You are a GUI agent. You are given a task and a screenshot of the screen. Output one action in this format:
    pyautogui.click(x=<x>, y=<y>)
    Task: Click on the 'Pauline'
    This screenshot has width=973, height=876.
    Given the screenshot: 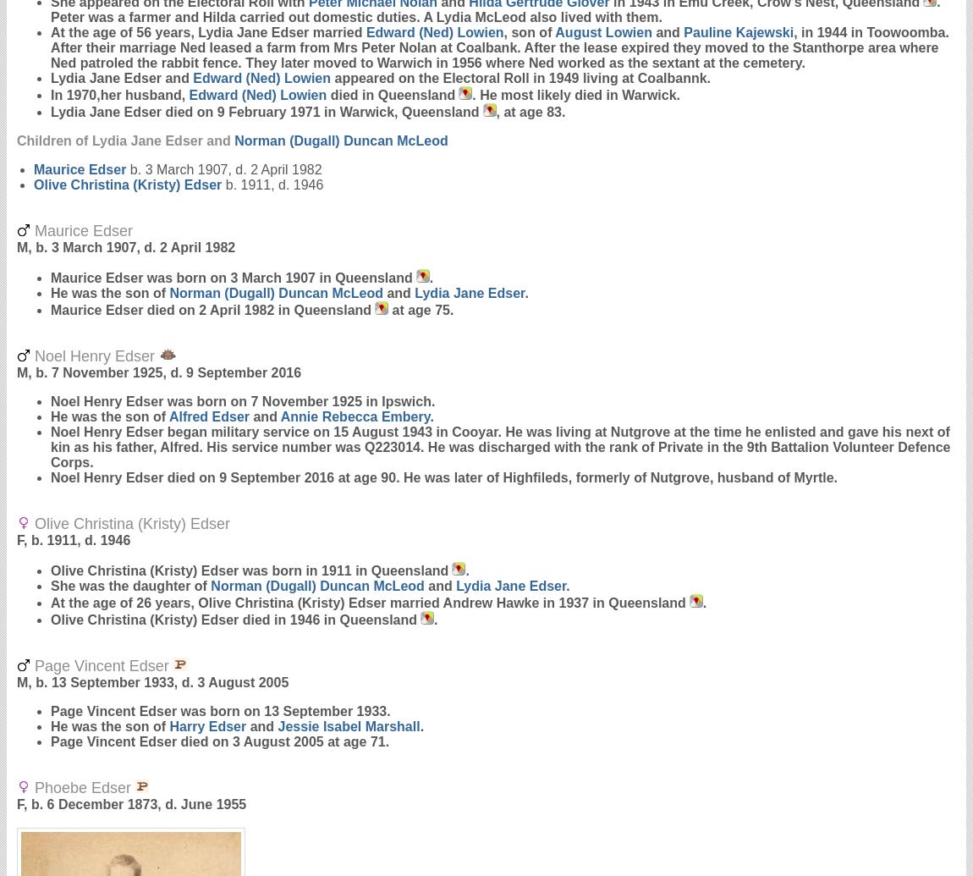 What is the action you would take?
    pyautogui.click(x=708, y=32)
    